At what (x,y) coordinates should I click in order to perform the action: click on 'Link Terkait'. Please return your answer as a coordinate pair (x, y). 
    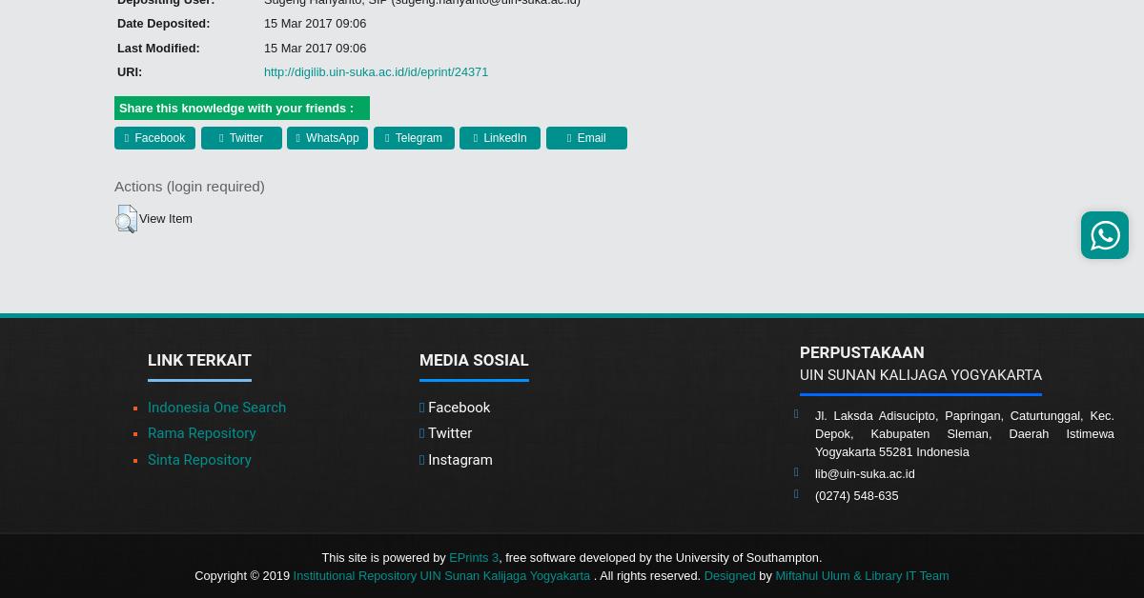
    Looking at the image, I should click on (198, 357).